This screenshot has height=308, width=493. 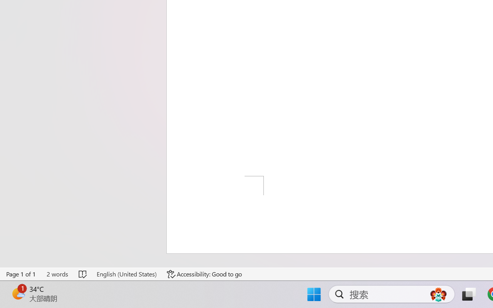 What do you see at coordinates (205, 274) in the screenshot?
I see `'Accessibility Checker Accessibility: Good to go'` at bounding box center [205, 274].